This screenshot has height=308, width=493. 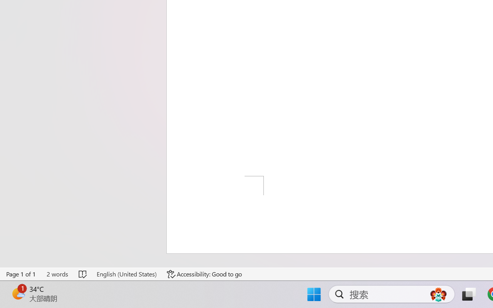 What do you see at coordinates (205, 274) in the screenshot?
I see `'Accessibility Checker Accessibility: Good to go'` at bounding box center [205, 274].